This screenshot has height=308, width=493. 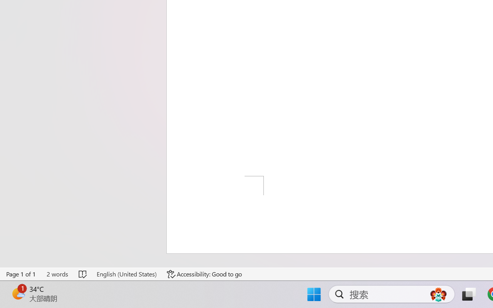 What do you see at coordinates (205, 274) in the screenshot?
I see `'Accessibility Checker Accessibility: Good to go'` at bounding box center [205, 274].